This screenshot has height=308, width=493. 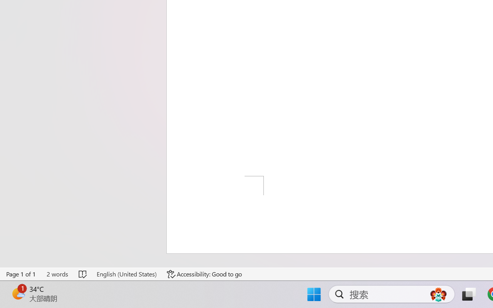 What do you see at coordinates (205, 274) in the screenshot?
I see `'Accessibility Checker Accessibility: Good to go'` at bounding box center [205, 274].